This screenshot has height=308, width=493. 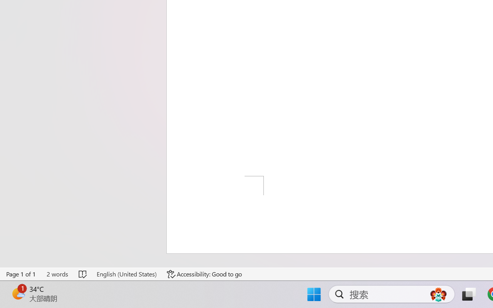 What do you see at coordinates (205, 274) in the screenshot?
I see `'Accessibility Checker Accessibility: Good to go'` at bounding box center [205, 274].